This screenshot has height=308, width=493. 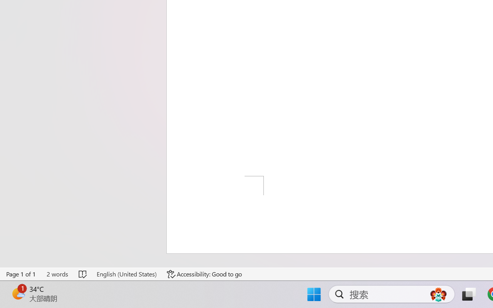 What do you see at coordinates (205, 274) in the screenshot?
I see `'Accessibility Checker Accessibility: Good to go'` at bounding box center [205, 274].